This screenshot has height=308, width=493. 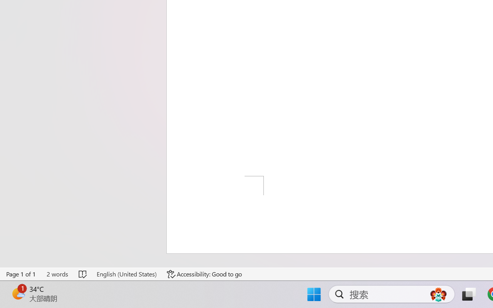 What do you see at coordinates (205, 274) in the screenshot?
I see `'Accessibility Checker Accessibility: Good to go'` at bounding box center [205, 274].